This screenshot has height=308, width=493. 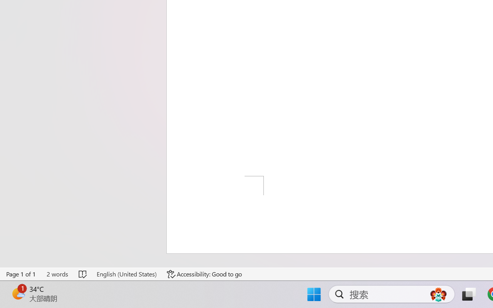 What do you see at coordinates (205, 274) in the screenshot?
I see `'Accessibility Checker Accessibility: Good to go'` at bounding box center [205, 274].